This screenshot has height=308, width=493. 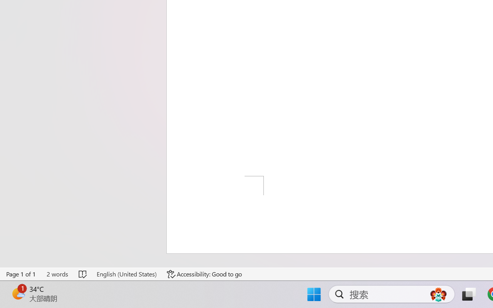 What do you see at coordinates (205, 274) in the screenshot?
I see `'Accessibility Checker Accessibility: Good to go'` at bounding box center [205, 274].